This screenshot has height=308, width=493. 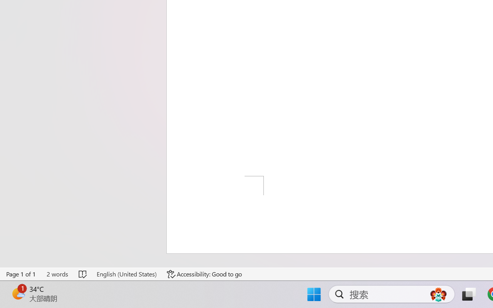 What do you see at coordinates (205, 274) in the screenshot?
I see `'Accessibility Checker Accessibility: Good to go'` at bounding box center [205, 274].